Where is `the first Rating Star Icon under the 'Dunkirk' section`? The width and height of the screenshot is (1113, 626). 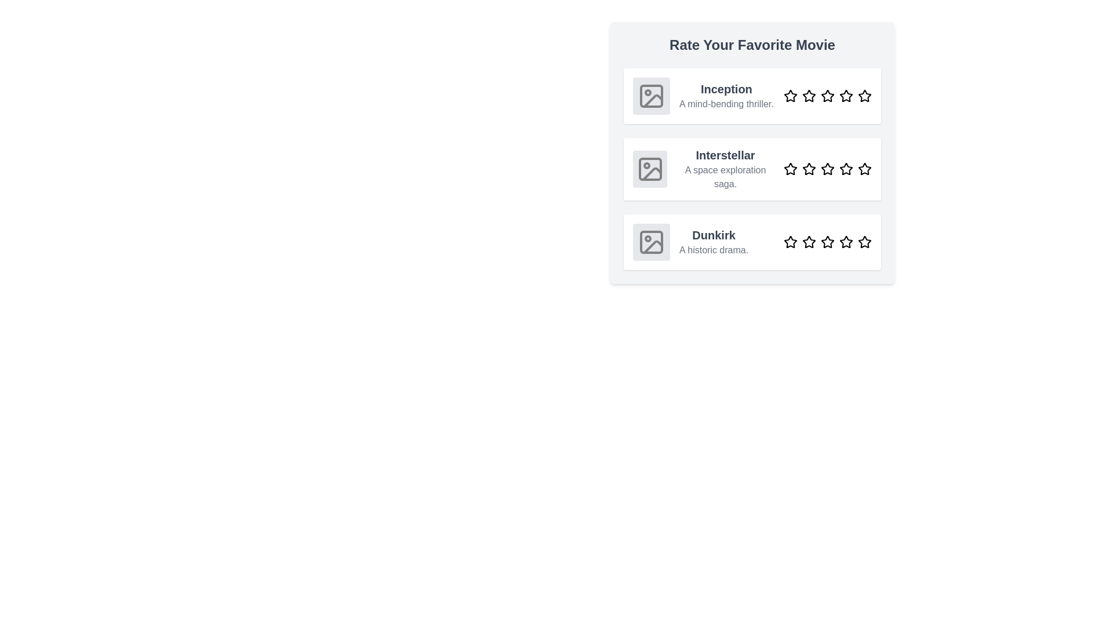 the first Rating Star Icon under the 'Dunkirk' section is located at coordinates (790, 241).